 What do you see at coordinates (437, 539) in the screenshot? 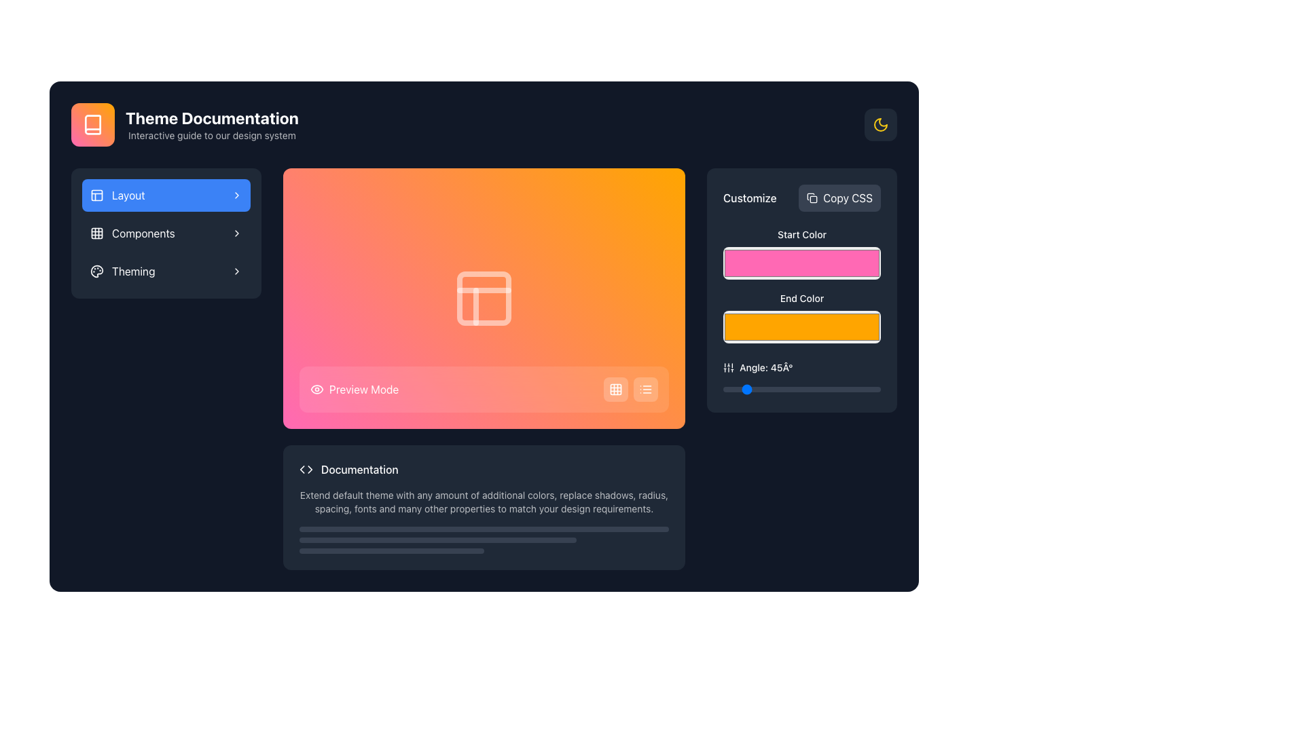
I see `the second horizontal bar in the grouped set of three progress indicators located at the bottom of the main content box` at bounding box center [437, 539].